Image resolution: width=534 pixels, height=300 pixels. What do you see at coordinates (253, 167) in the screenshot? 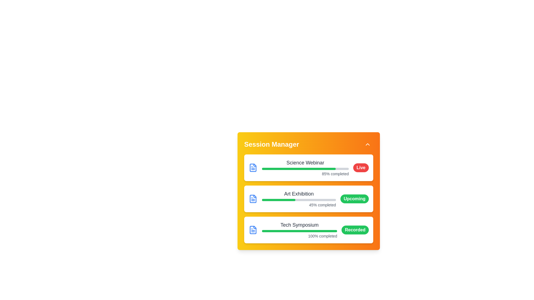
I see `the blue document icon located at the start of the 'Science Webinar' block, which is visually distinct with blue strokes against a white background` at bounding box center [253, 167].